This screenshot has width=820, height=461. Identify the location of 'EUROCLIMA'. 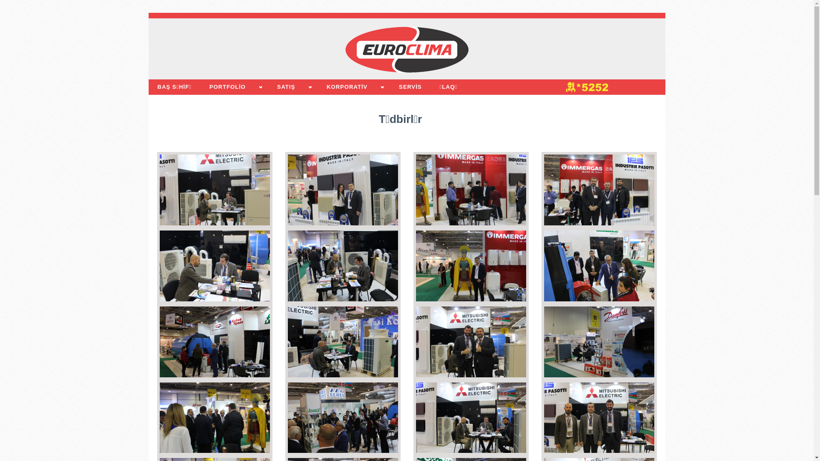
(406, 50).